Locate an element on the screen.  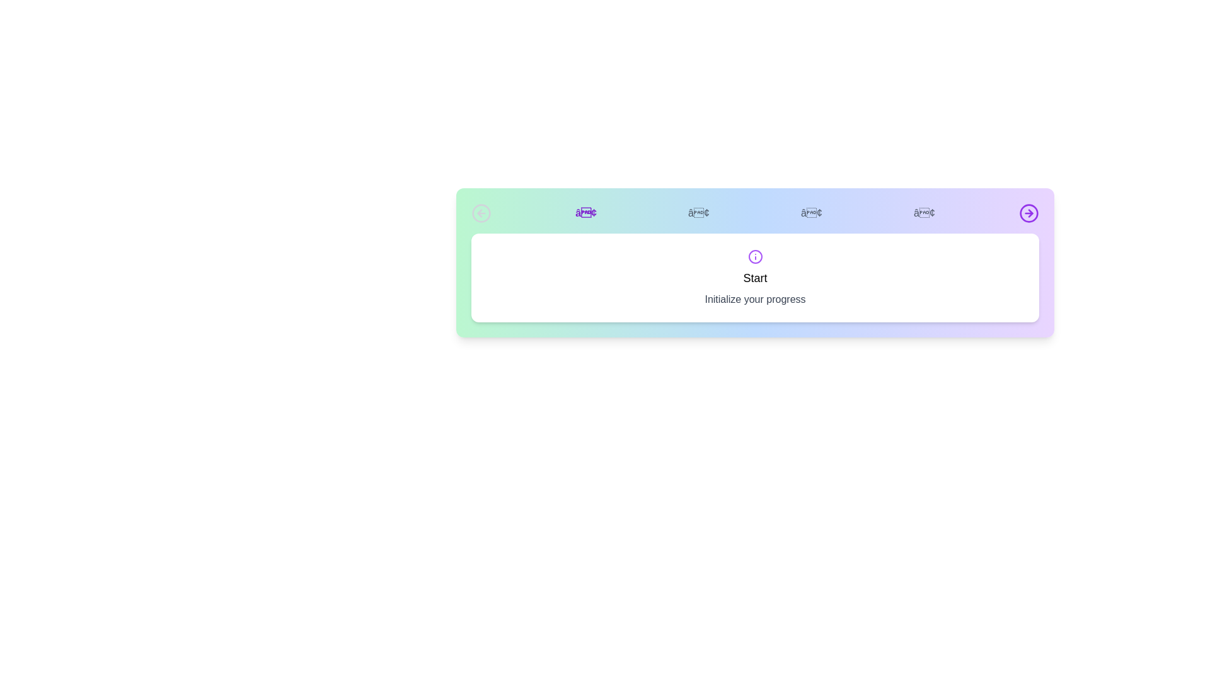
the left arrow button to navigate to the previous step is located at coordinates (480, 213).